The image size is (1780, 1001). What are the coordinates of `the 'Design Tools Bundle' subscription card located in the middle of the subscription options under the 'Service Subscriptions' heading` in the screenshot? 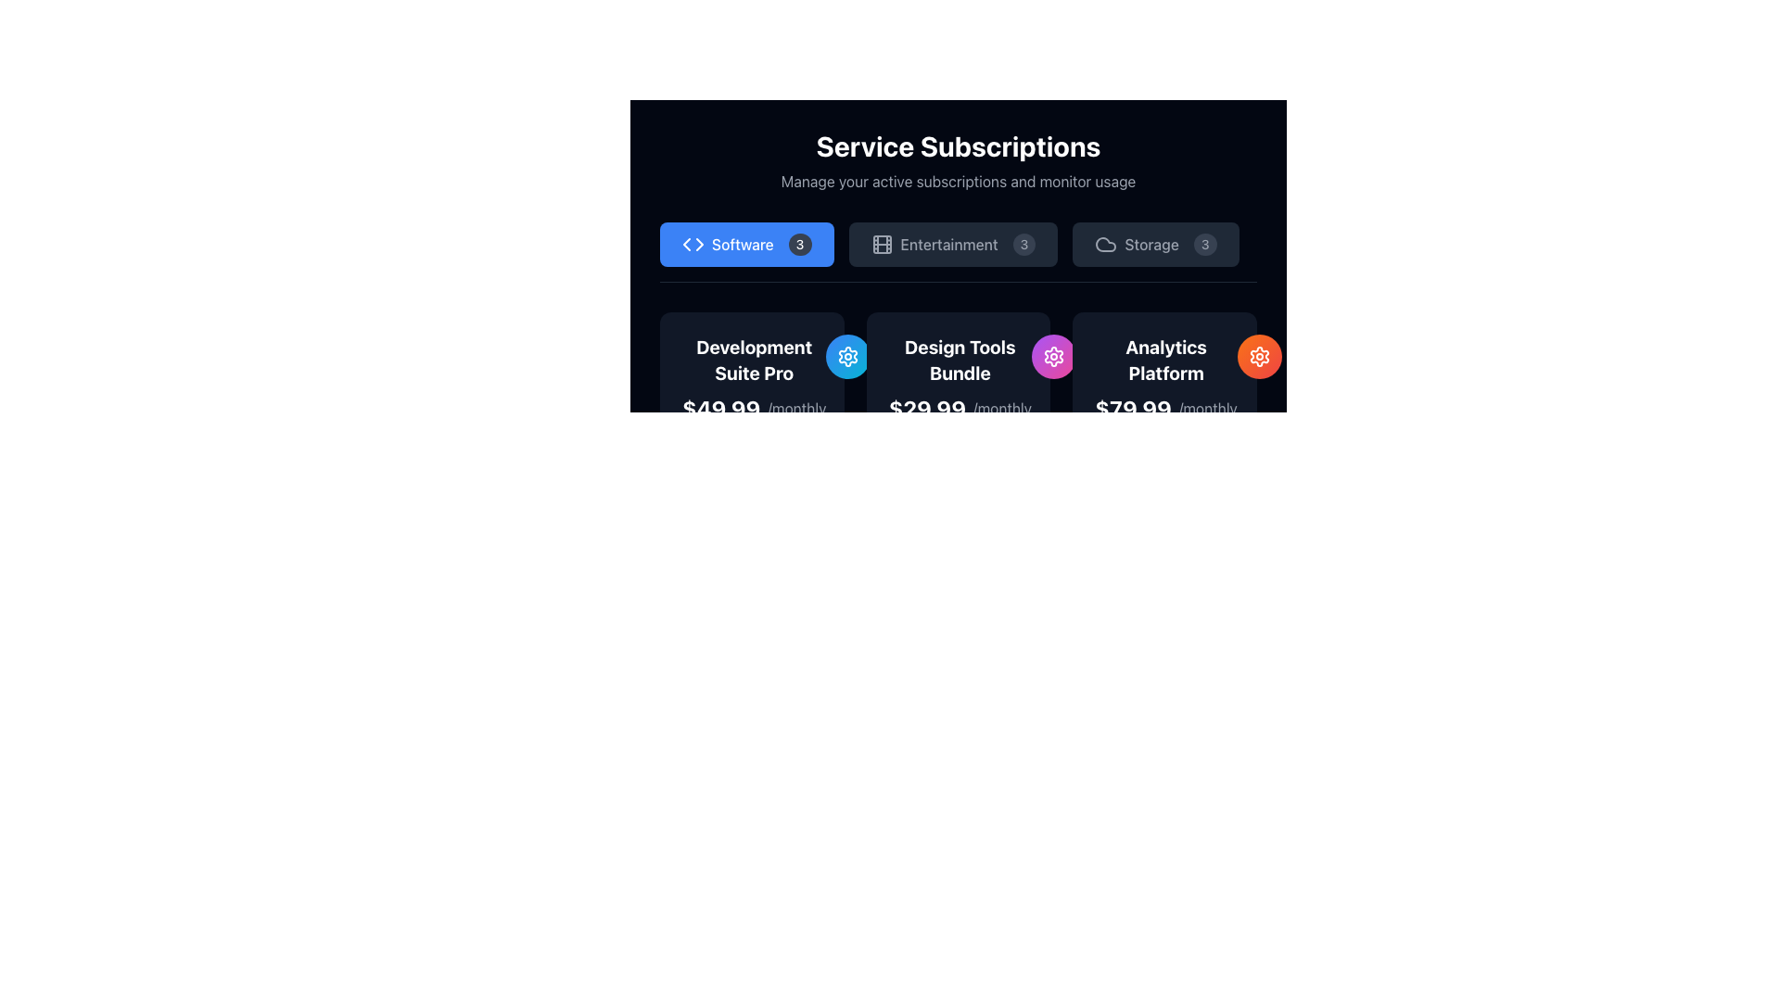 It's located at (958, 377).